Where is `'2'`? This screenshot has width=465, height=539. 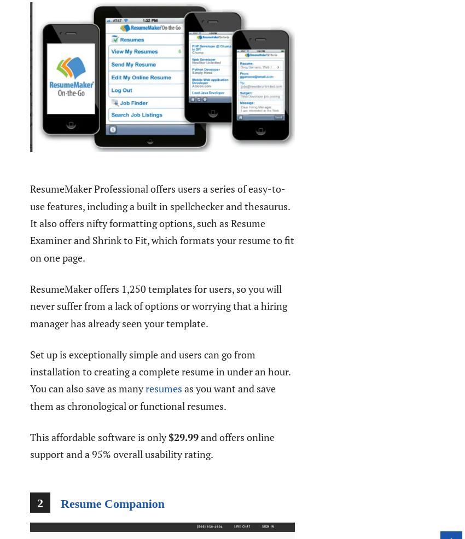
'2' is located at coordinates (40, 502).